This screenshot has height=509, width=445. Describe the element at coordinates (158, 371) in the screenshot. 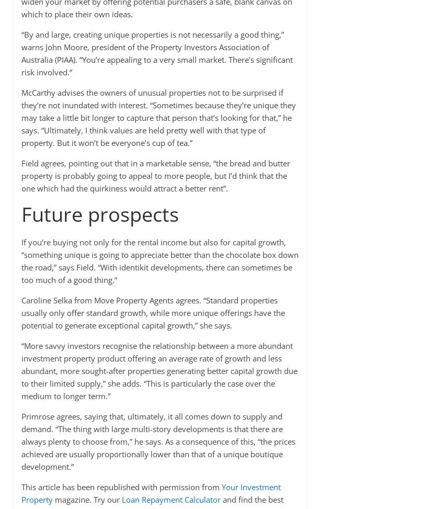

I see `'“More savvy investors recognise the relationship between a more abundant investment property product offering an average rate of growth and less abundant, more sought-after properties generating better capital growth due to their limited supply,” she adds. “This is particularly the case over the medium to longer term.”'` at that location.